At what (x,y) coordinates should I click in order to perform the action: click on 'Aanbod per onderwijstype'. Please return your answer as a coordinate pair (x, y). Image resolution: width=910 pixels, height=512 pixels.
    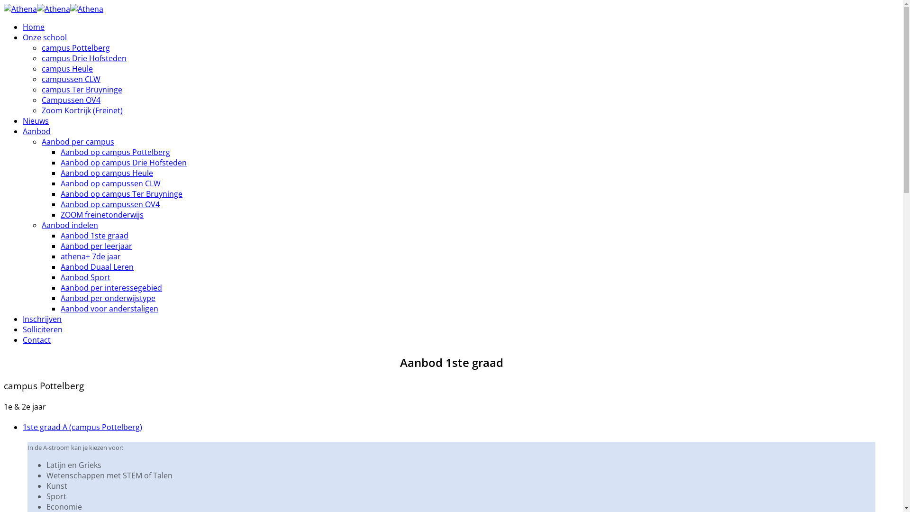
    Looking at the image, I should click on (108, 297).